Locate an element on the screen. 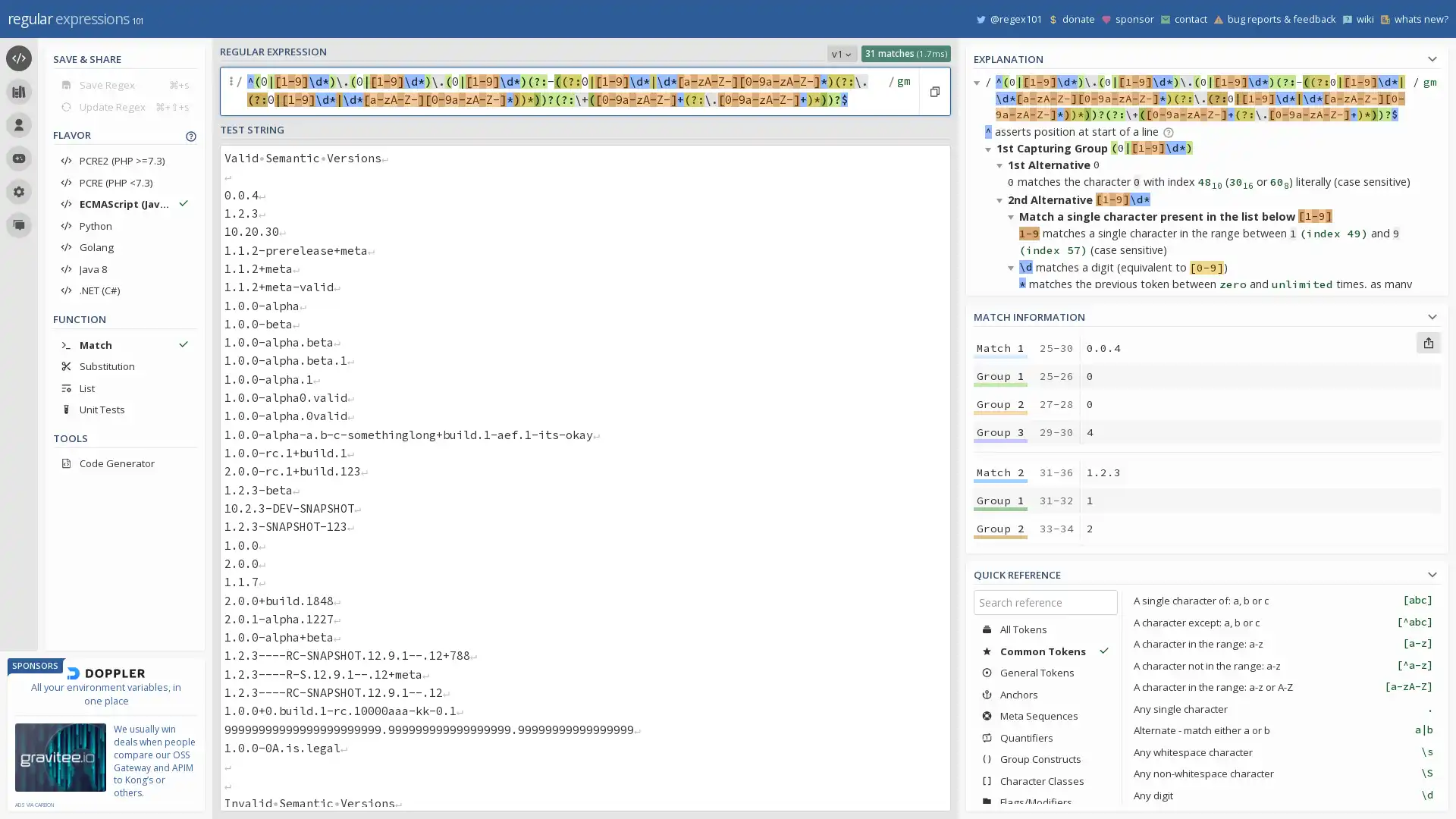 The image size is (1456, 819). Collapse Subtree is located at coordinates (1013, 265).